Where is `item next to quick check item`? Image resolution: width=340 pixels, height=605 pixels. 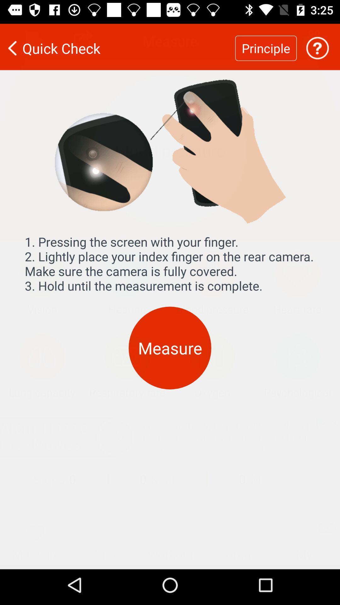 item next to quick check item is located at coordinates (266, 44).